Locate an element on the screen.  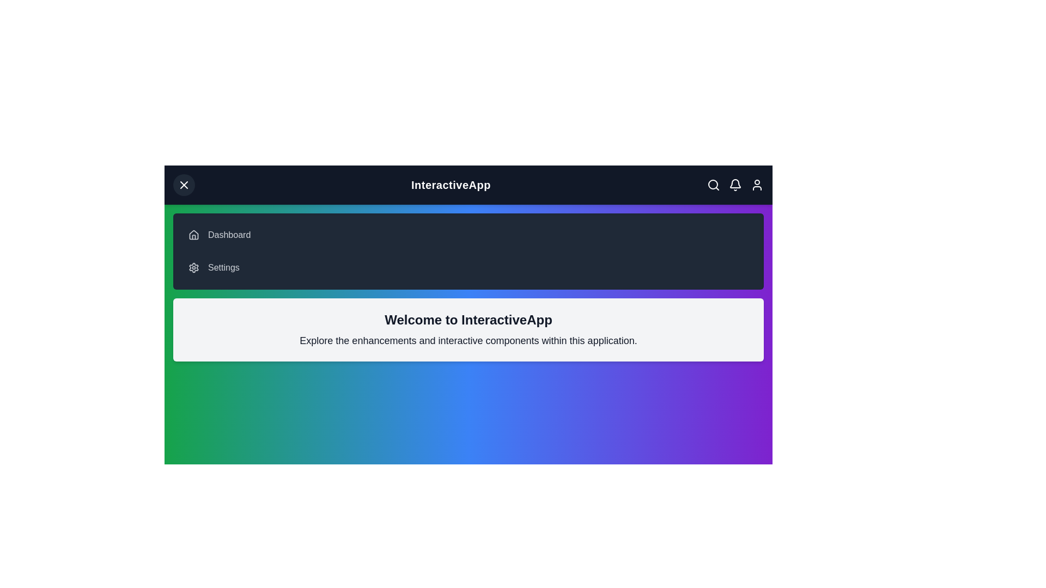
the toggle button in the top-left corner of the header to toggle the menu visibility is located at coordinates (184, 184).